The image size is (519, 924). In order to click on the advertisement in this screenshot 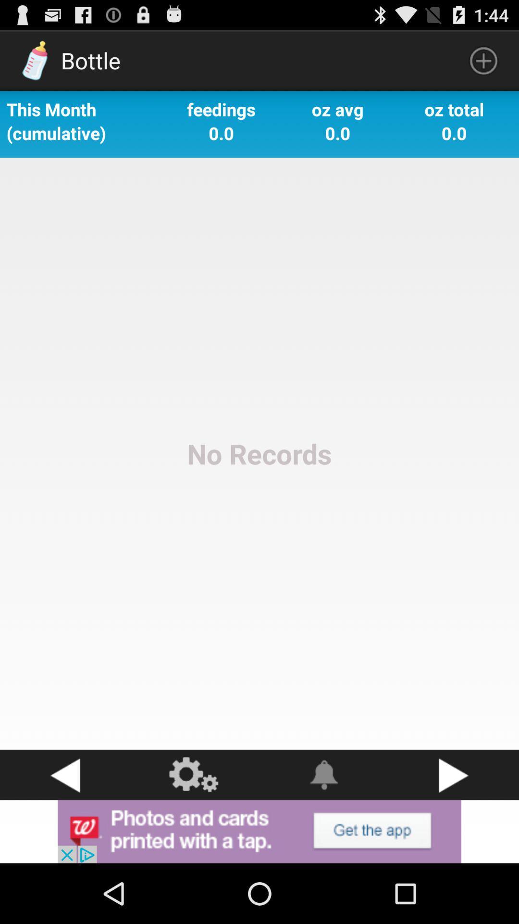, I will do `click(259, 831)`.